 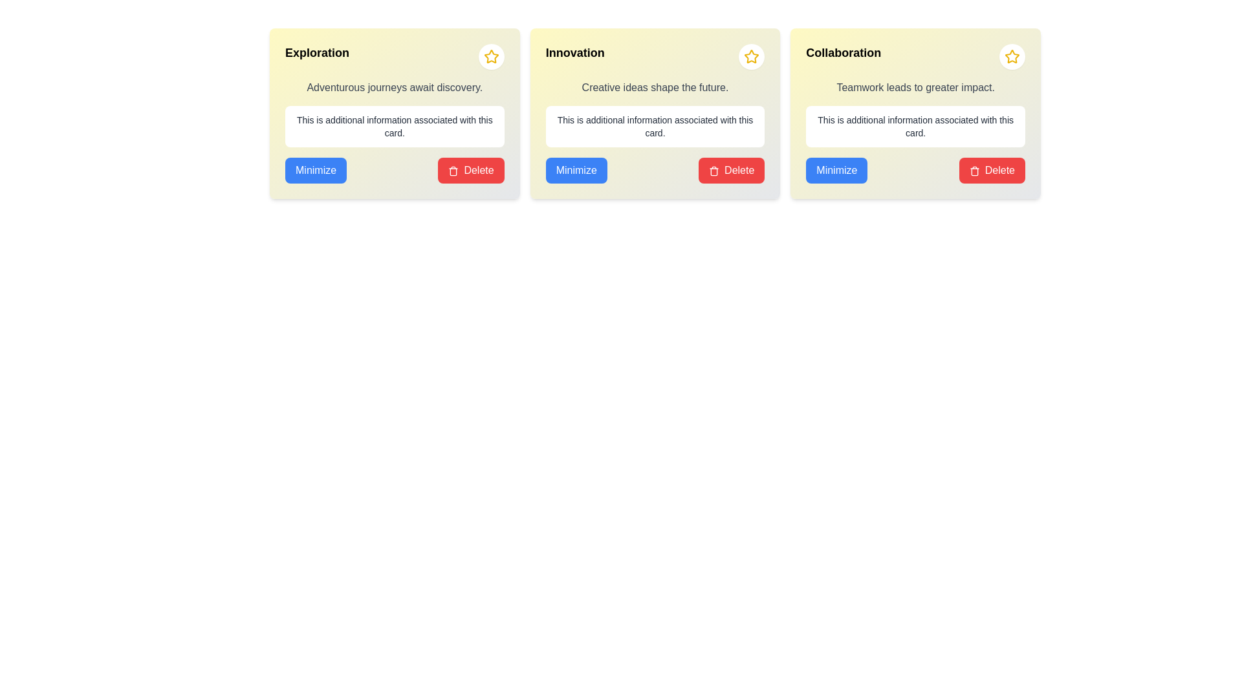 What do you see at coordinates (1011, 56) in the screenshot?
I see `the circular button with a white background and a yellow star icon, located at the top-right corner of the 'Collaboration' card` at bounding box center [1011, 56].